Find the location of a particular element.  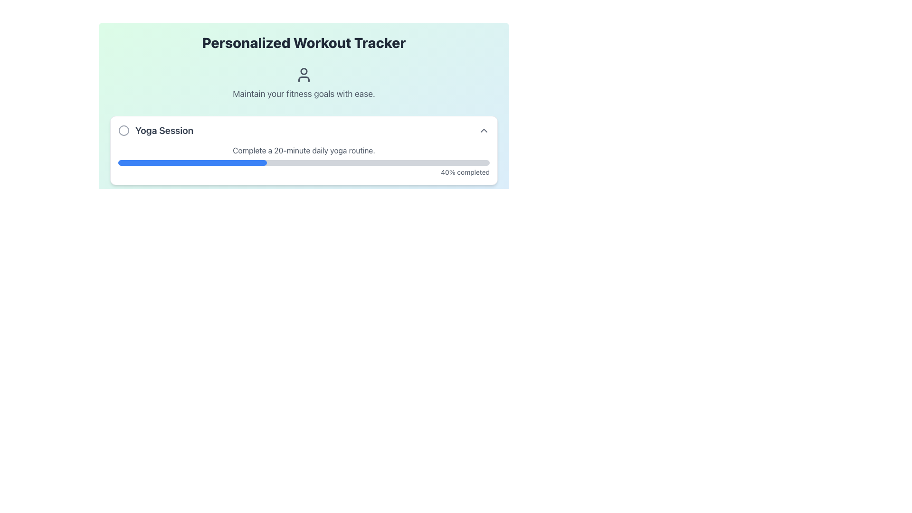

the horizontally-aligned progress bar that is light gray with a blue-filled section covering 40% of its width, located beneath the text 'Complete a 20-minute daily yoga routine.' and above '40% completed.' is located at coordinates (303, 162).